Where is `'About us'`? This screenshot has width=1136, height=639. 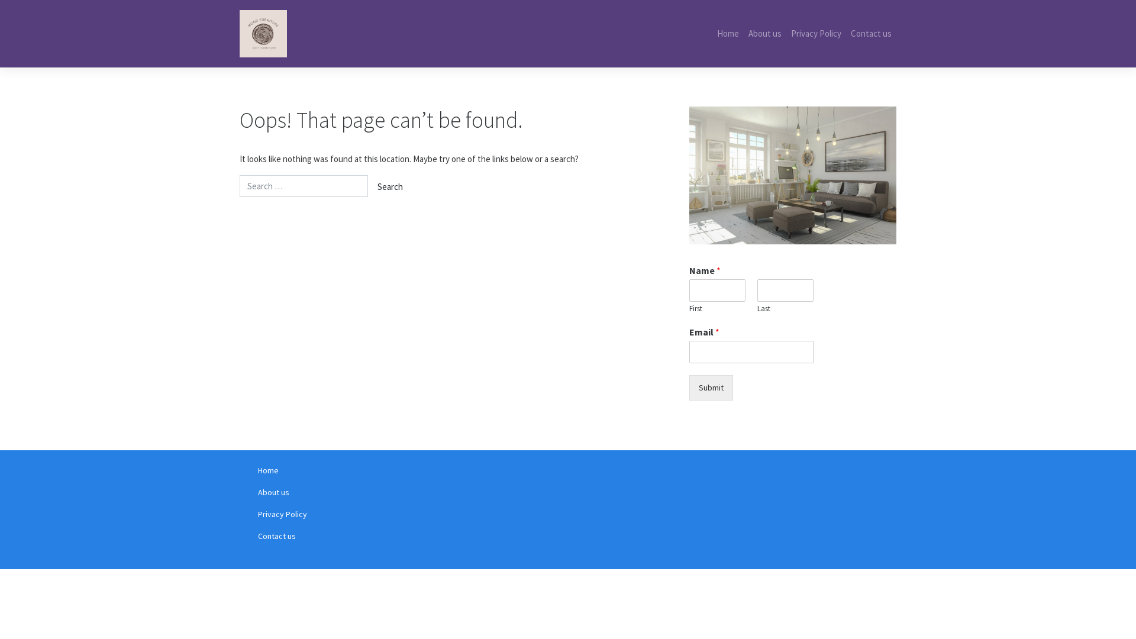 'About us' is located at coordinates (248, 492).